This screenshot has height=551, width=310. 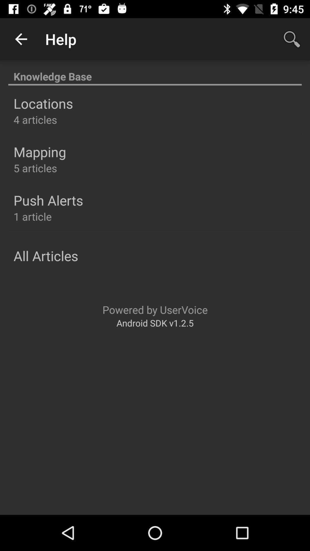 What do you see at coordinates (43, 103) in the screenshot?
I see `the item below the knowledge base icon` at bounding box center [43, 103].